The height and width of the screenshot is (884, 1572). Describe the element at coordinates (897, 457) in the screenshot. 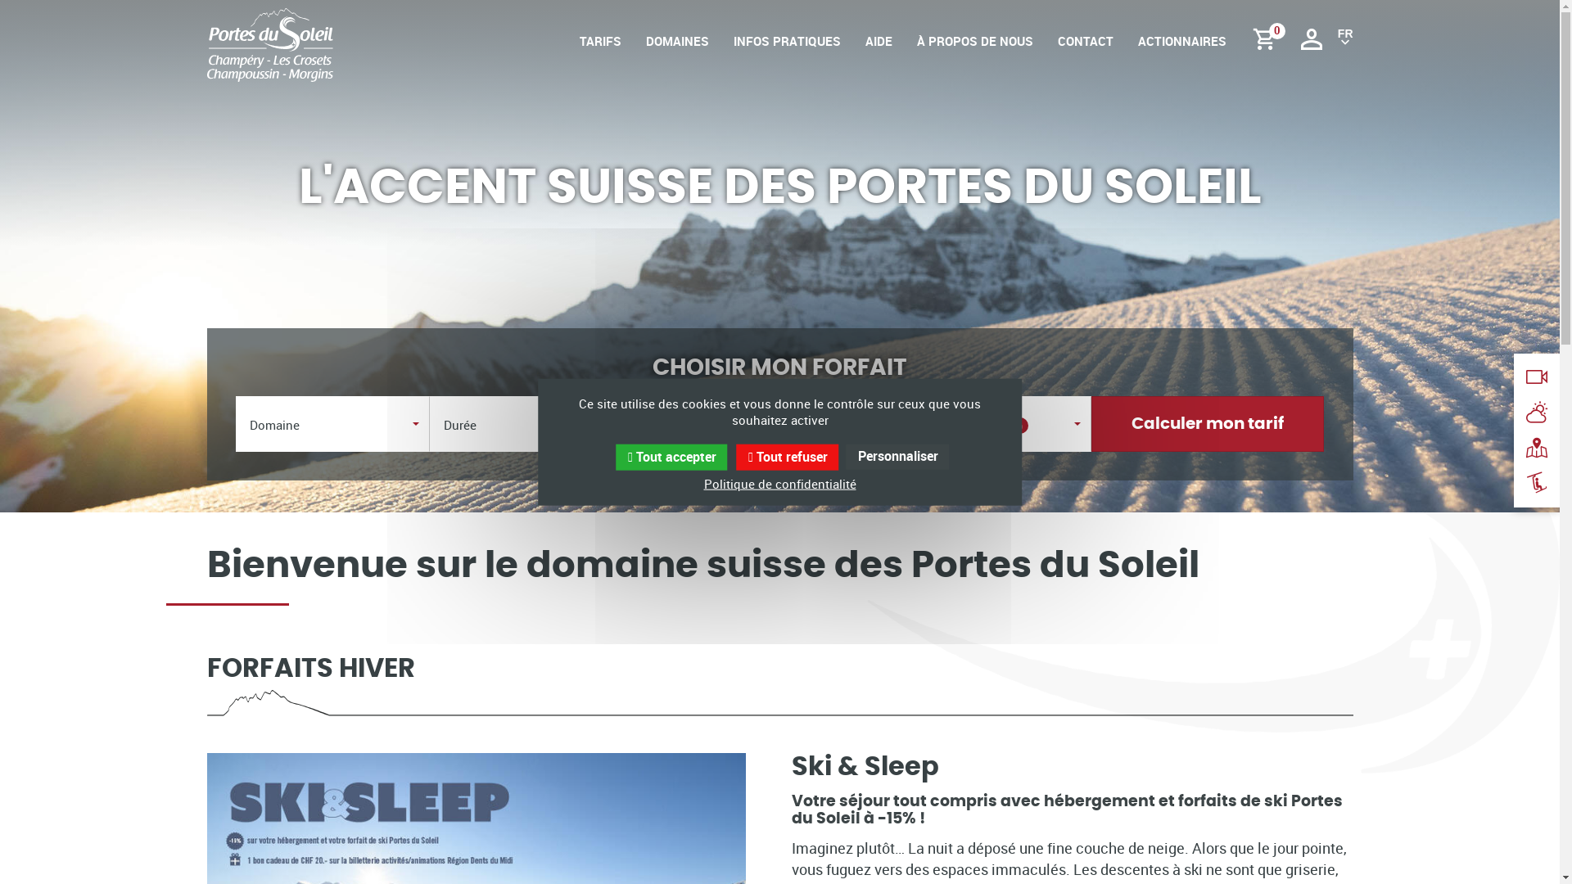

I see `'Personnaliser'` at that location.